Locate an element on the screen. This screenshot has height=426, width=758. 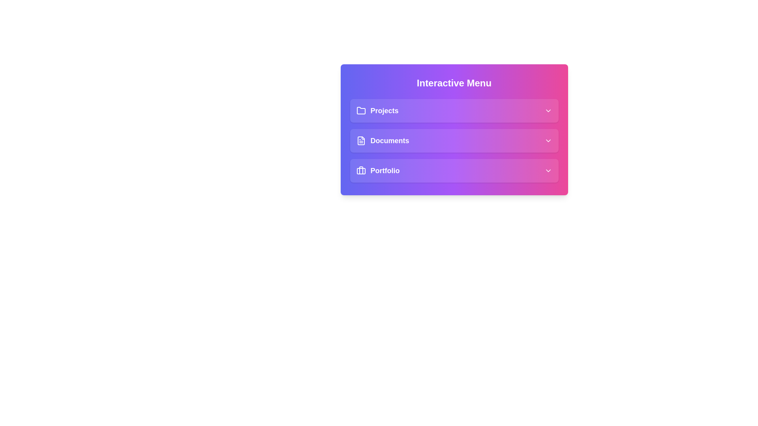
the 'Documents' label with the file icon, which is the second item in a vertical list of menu options is located at coordinates (383, 140).